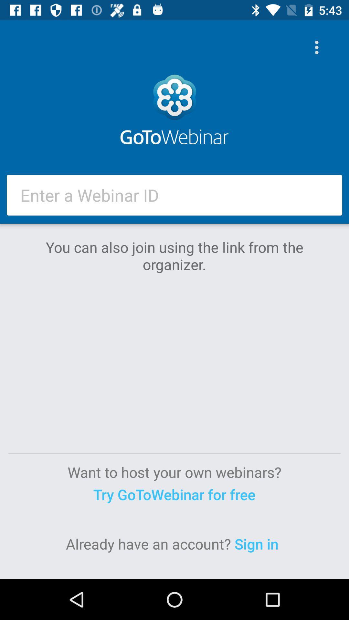 The image size is (349, 620). Describe the element at coordinates (258, 543) in the screenshot. I see `item below the try gotowebinar for icon` at that location.